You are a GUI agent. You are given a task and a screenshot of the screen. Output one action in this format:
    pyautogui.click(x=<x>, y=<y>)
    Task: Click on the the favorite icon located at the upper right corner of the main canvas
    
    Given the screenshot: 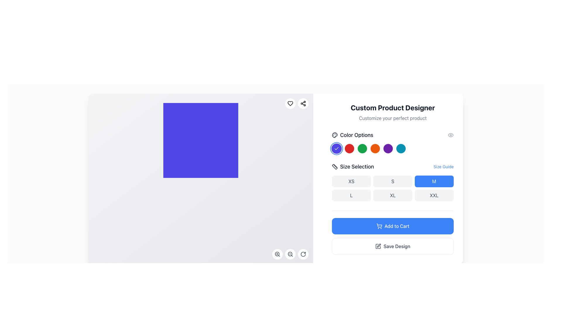 What is the action you would take?
    pyautogui.click(x=290, y=103)
    